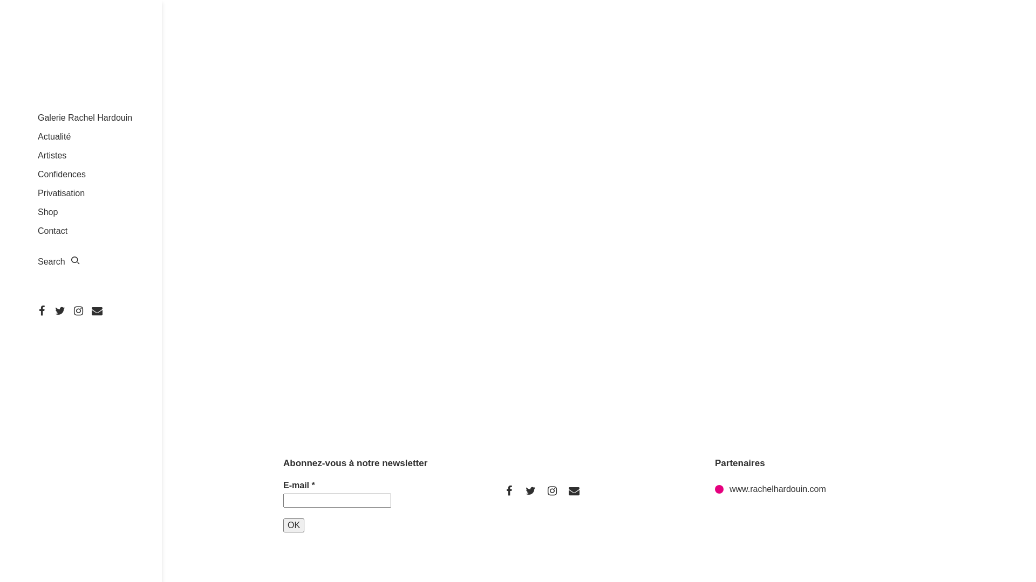  What do you see at coordinates (61, 174) in the screenshot?
I see `'Confidences'` at bounding box center [61, 174].